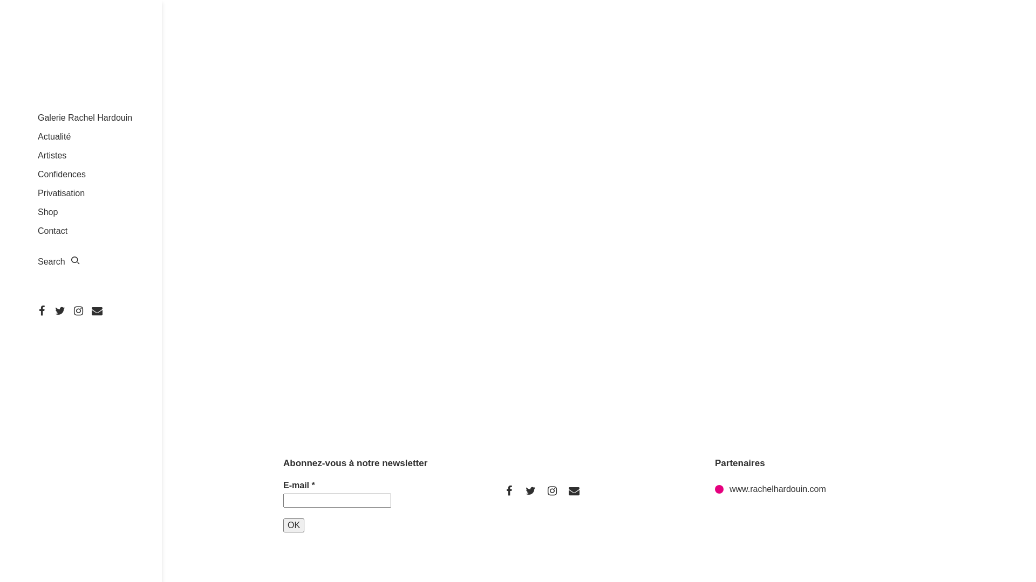  What do you see at coordinates (61, 174) in the screenshot?
I see `'Confidences'` at bounding box center [61, 174].